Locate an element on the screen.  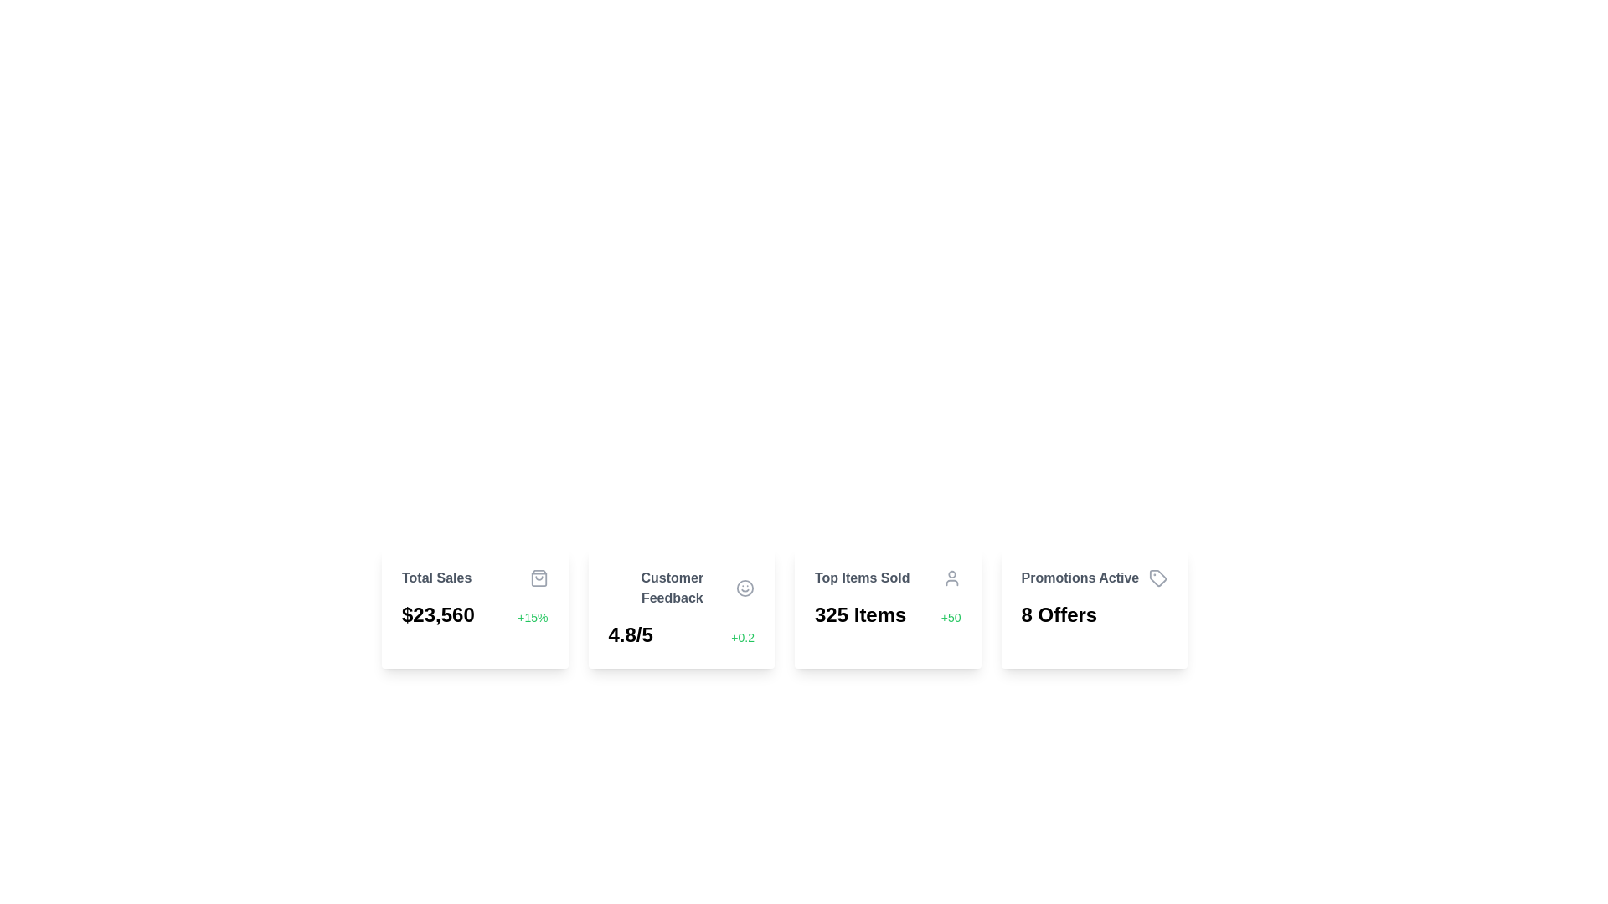
the text label displaying '+0.2' in green, located on the right side of the rating value '4.8/5' within the second card of the 'Customer Feedback' section is located at coordinates (742, 638).